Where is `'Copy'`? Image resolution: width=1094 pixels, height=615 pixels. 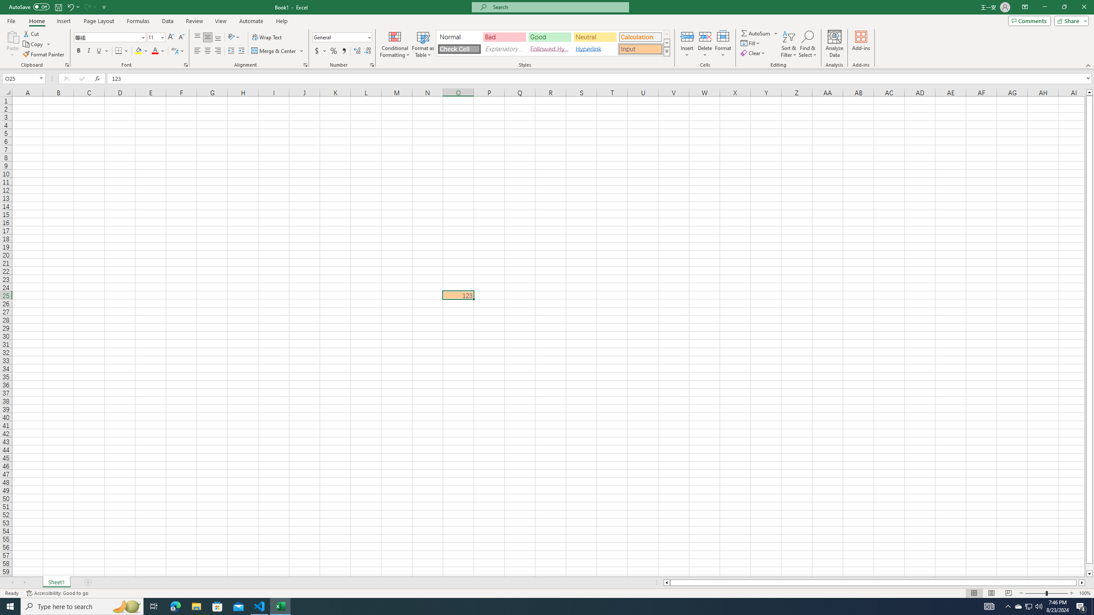 'Copy' is located at coordinates (37, 44).